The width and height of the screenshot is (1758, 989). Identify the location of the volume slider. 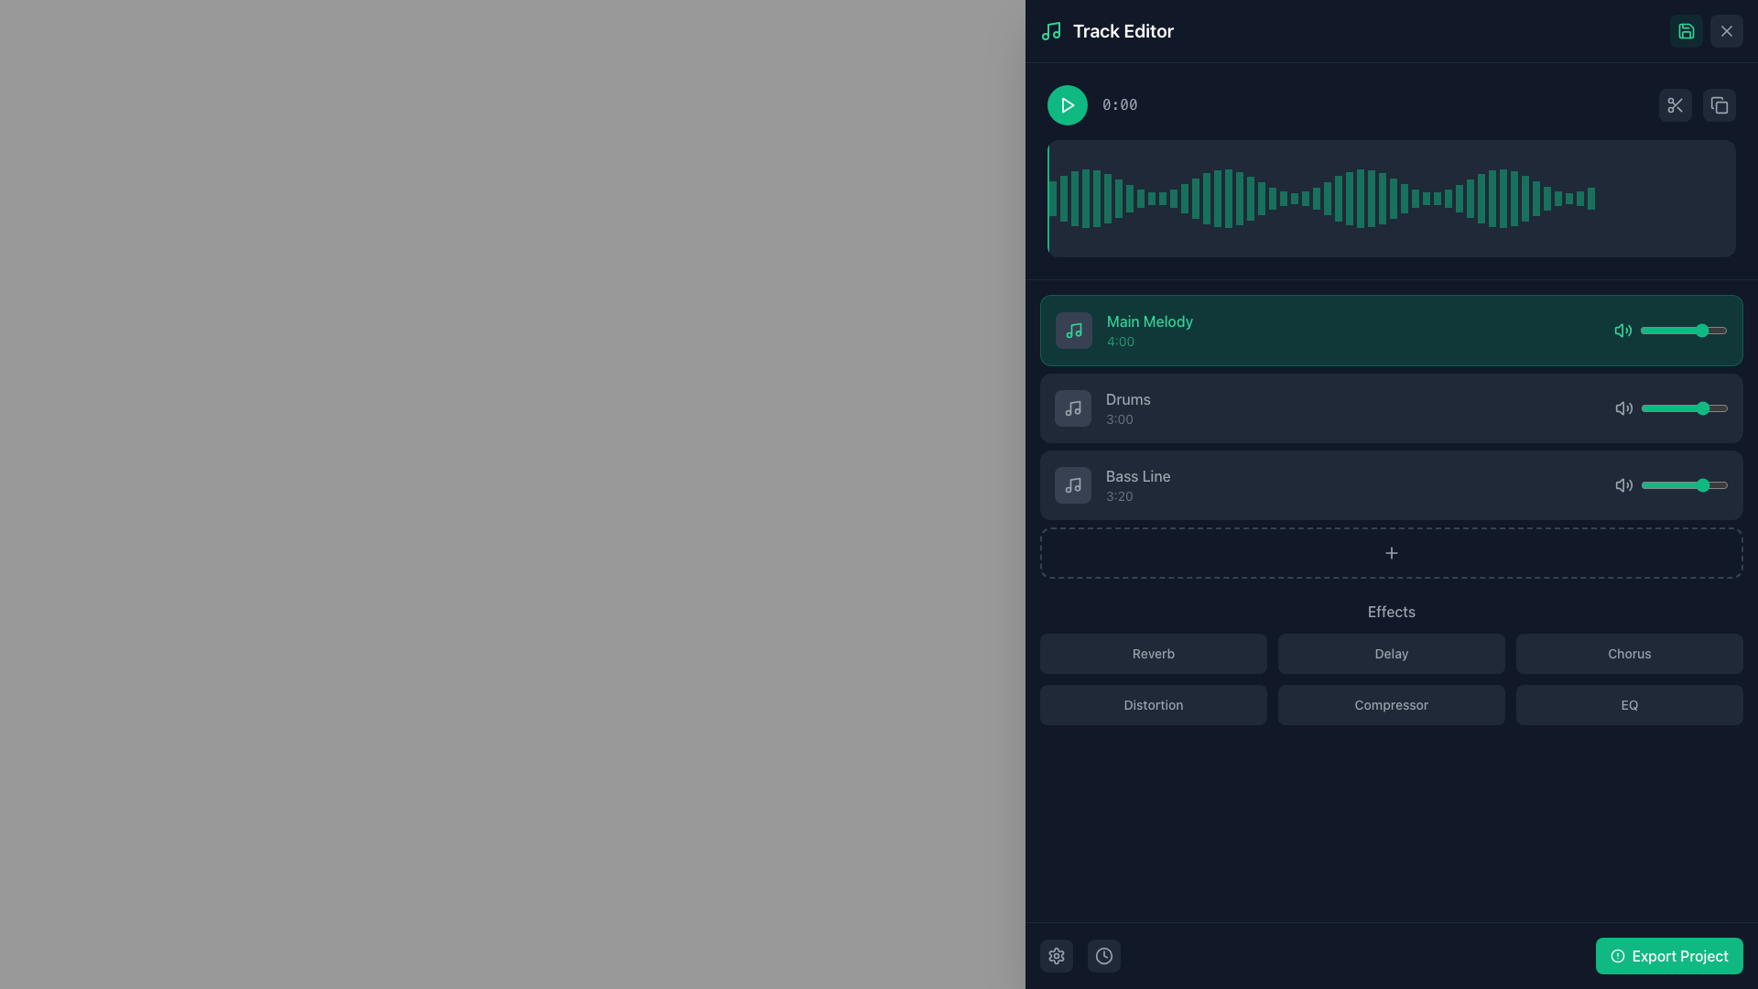
(1680, 331).